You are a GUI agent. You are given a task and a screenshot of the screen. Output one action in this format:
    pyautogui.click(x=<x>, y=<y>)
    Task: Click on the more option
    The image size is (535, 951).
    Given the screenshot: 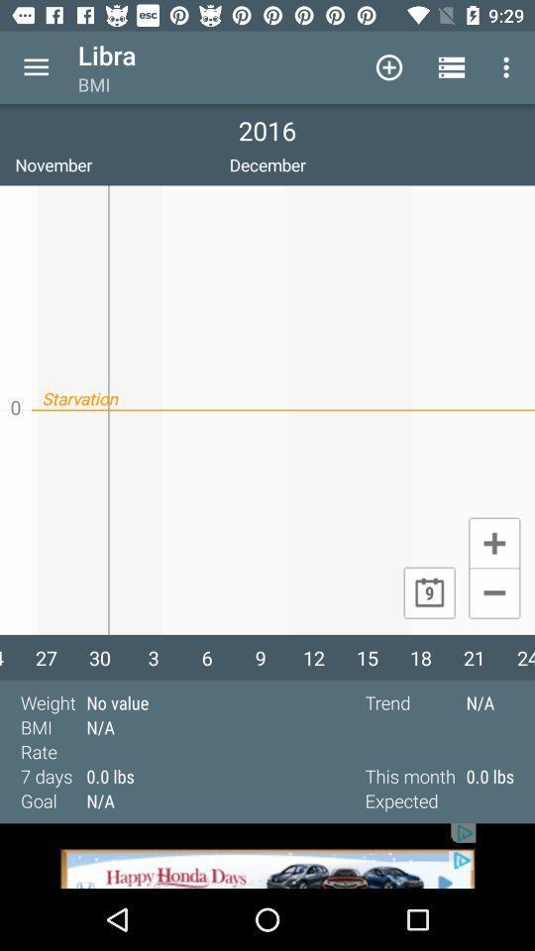 What is the action you would take?
    pyautogui.click(x=36, y=67)
    